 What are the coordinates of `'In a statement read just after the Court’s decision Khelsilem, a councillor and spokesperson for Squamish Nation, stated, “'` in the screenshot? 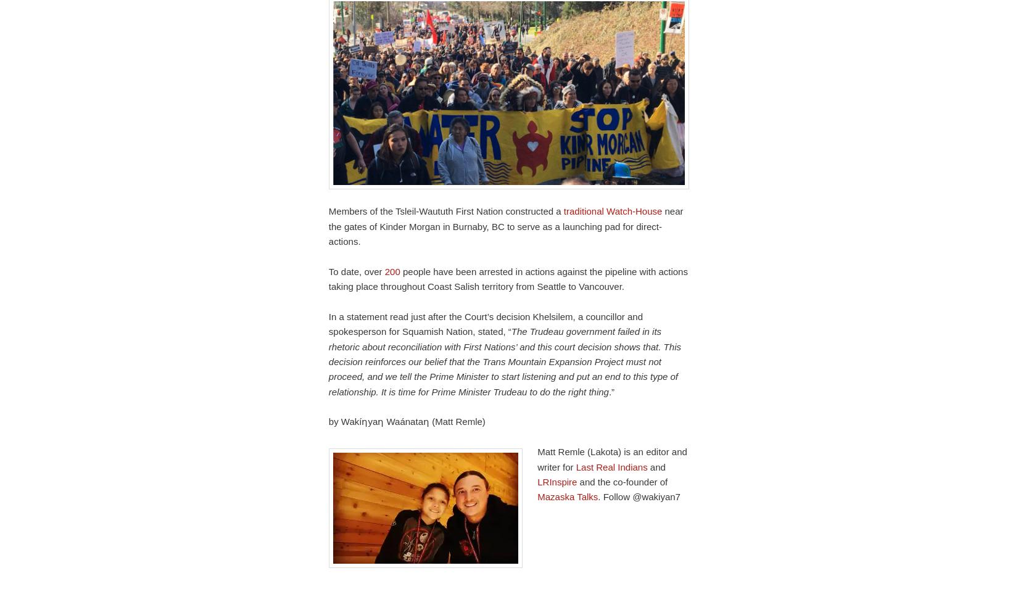 It's located at (485, 323).